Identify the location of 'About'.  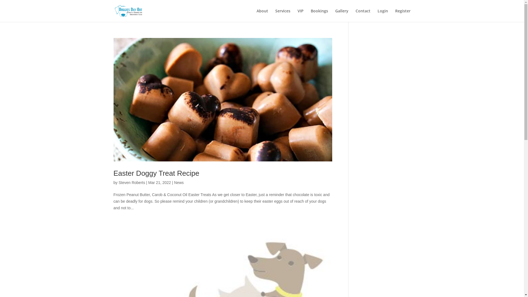
(262, 15).